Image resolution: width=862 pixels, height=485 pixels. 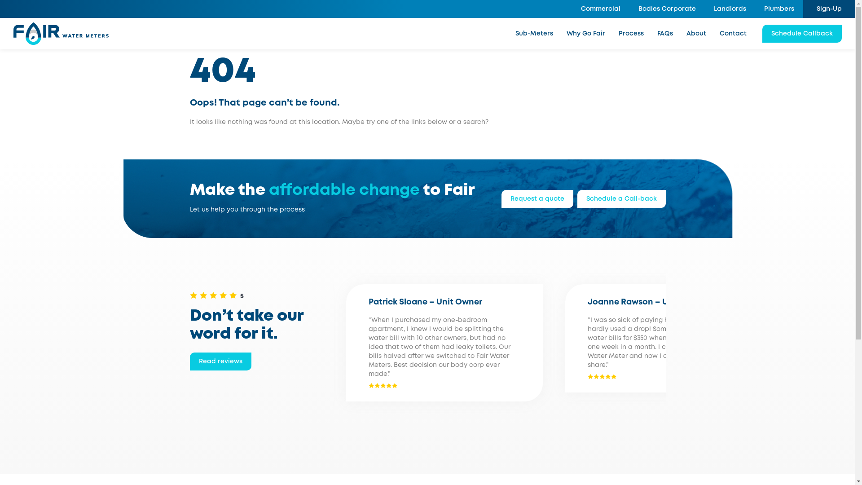 What do you see at coordinates (778, 9) in the screenshot?
I see `'Plumbers'` at bounding box center [778, 9].